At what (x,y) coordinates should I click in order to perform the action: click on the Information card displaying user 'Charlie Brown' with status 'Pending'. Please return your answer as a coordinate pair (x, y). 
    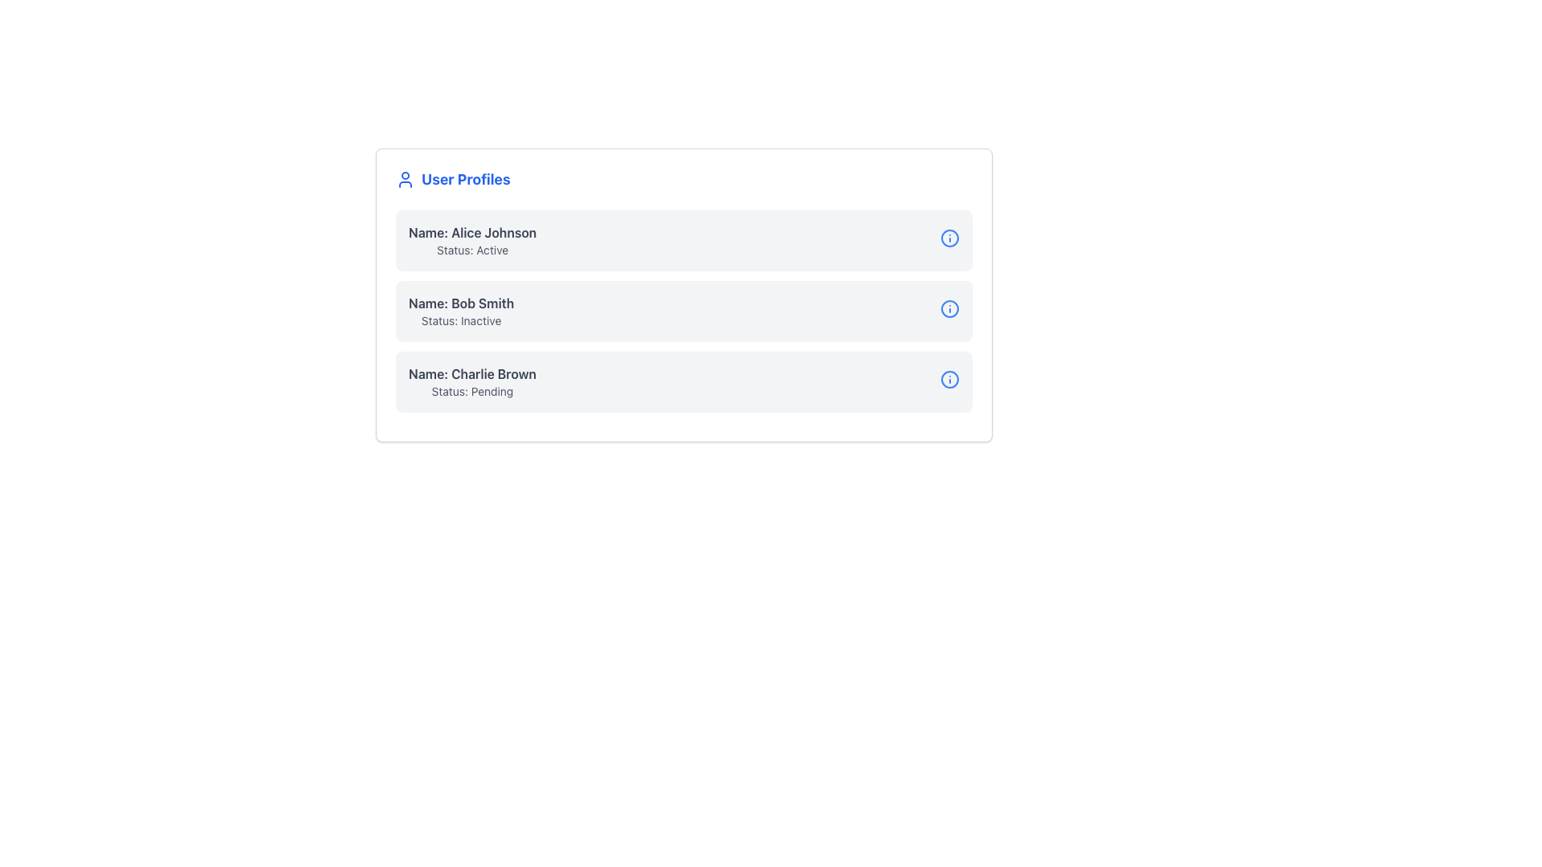
    Looking at the image, I should click on (683, 381).